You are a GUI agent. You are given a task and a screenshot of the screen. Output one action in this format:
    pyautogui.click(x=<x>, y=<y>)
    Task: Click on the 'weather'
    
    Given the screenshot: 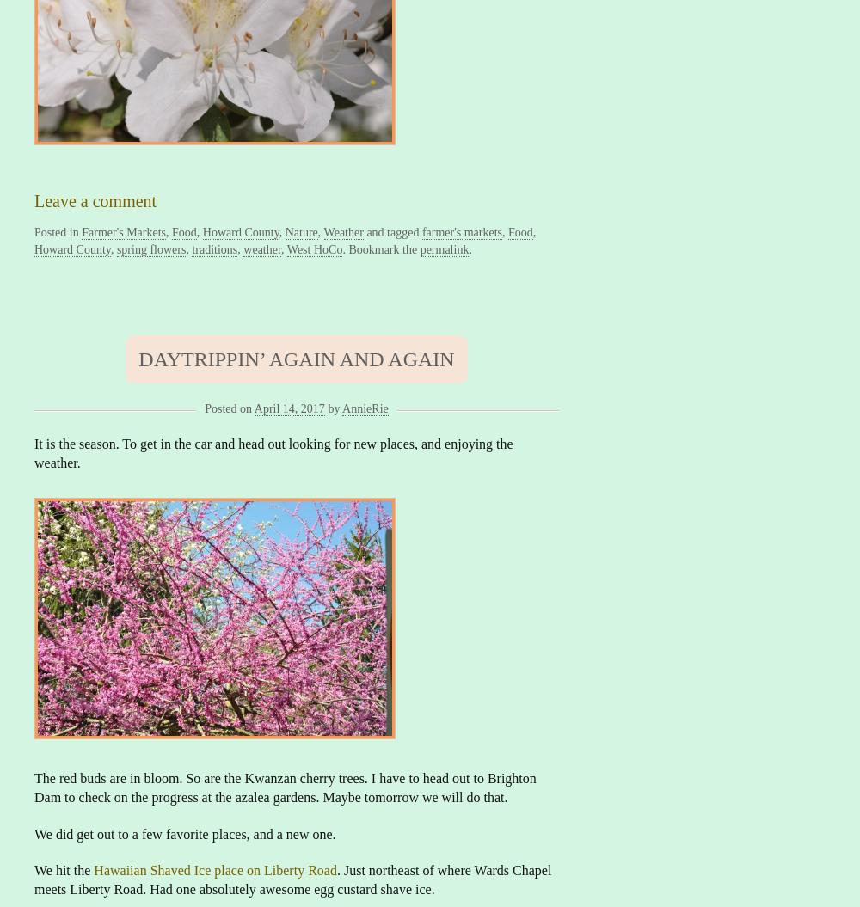 What is the action you would take?
    pyautogui.click(x=262, y=248)
    